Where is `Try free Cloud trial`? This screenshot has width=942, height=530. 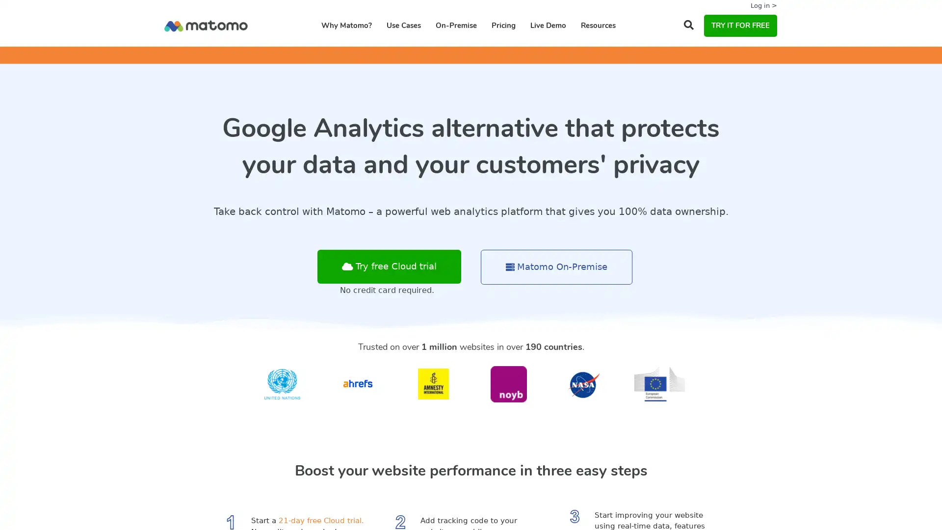 Try free Cloud trial is located at coordinates (389, 266).